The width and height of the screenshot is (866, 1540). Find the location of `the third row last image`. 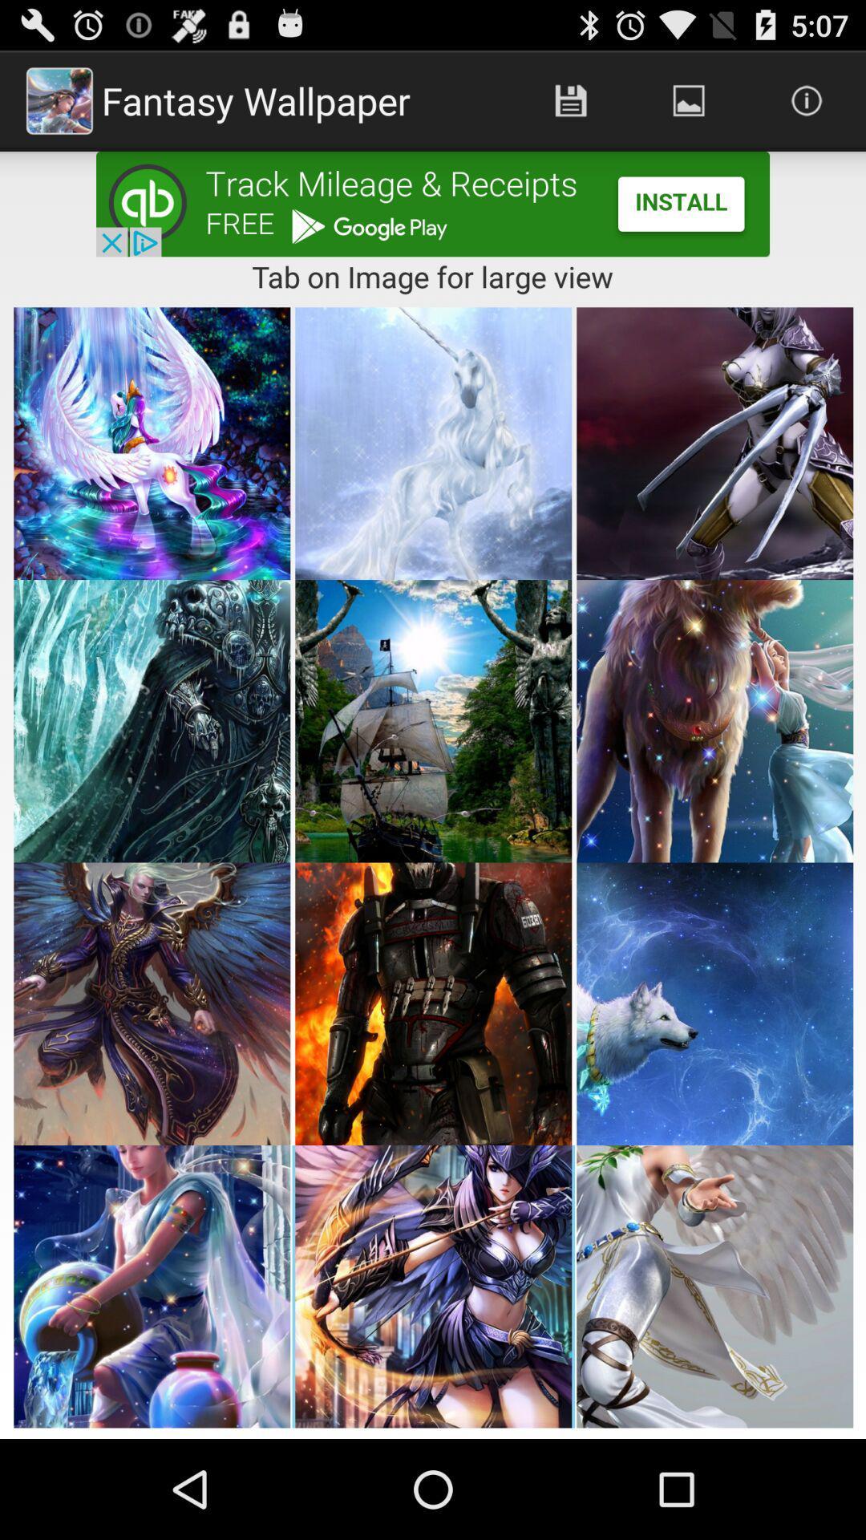

the third row last image is located at coordinates (714, 1003).